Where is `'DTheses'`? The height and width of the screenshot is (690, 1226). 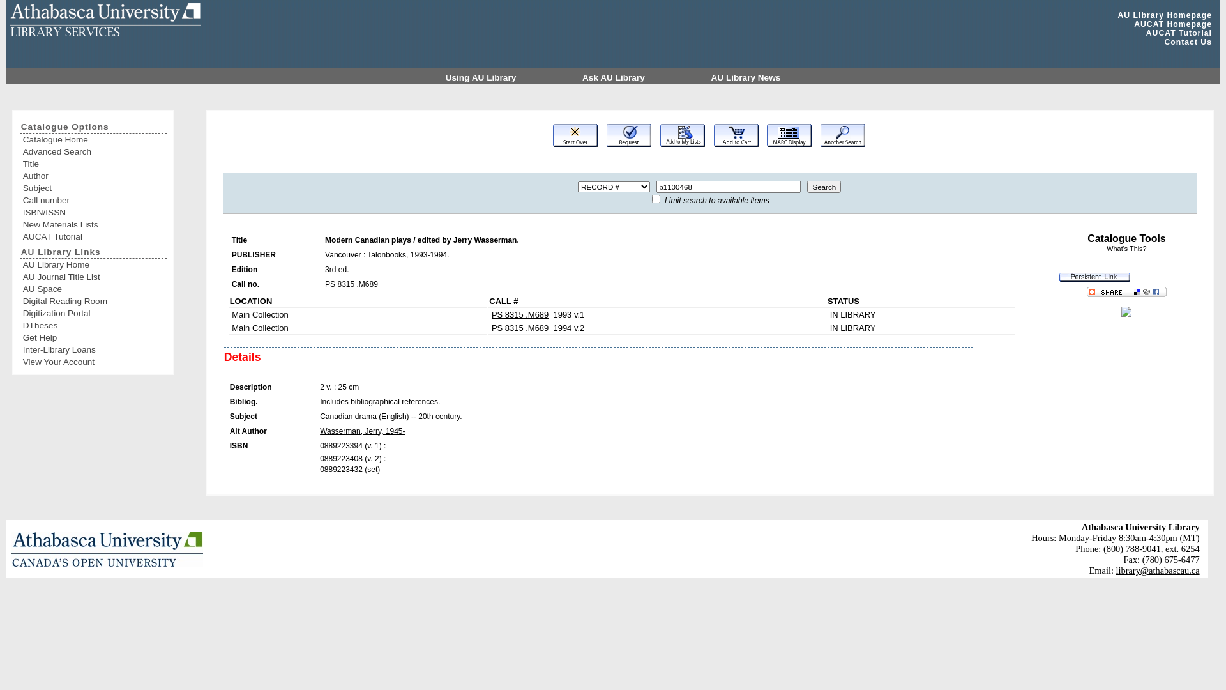
'DTheses' is located at coordinates (93, 325).